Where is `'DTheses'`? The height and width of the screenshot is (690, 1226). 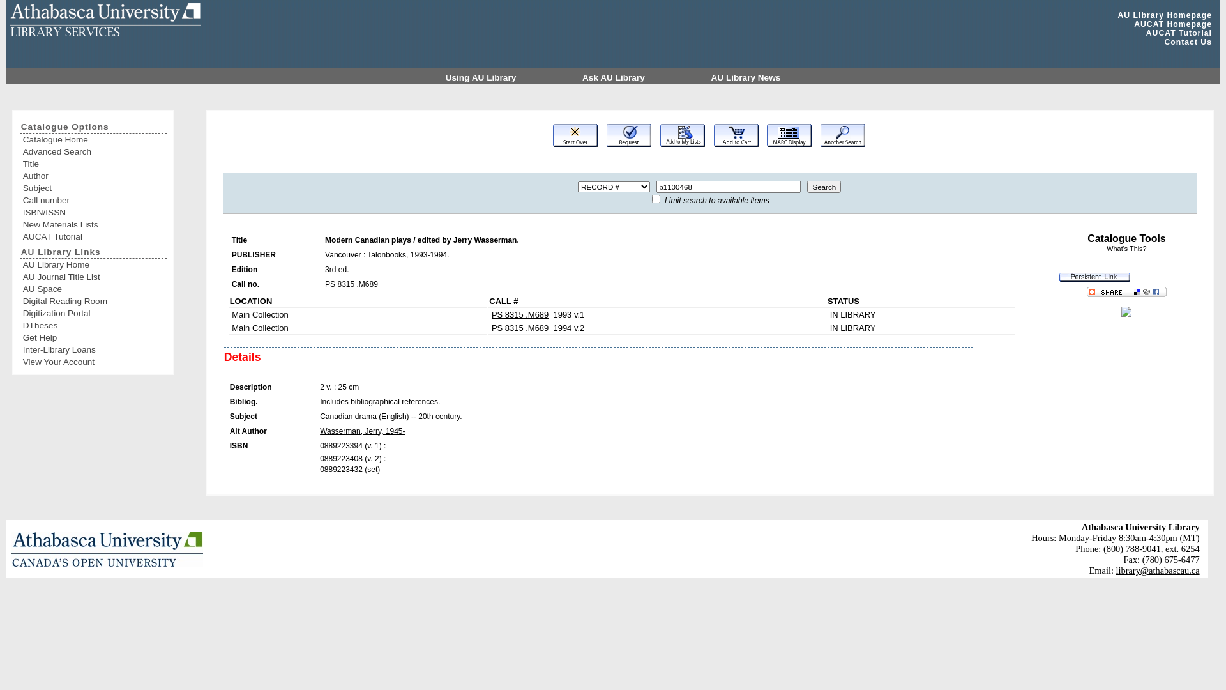
'DTheses' is located at coordinates (93, 325).